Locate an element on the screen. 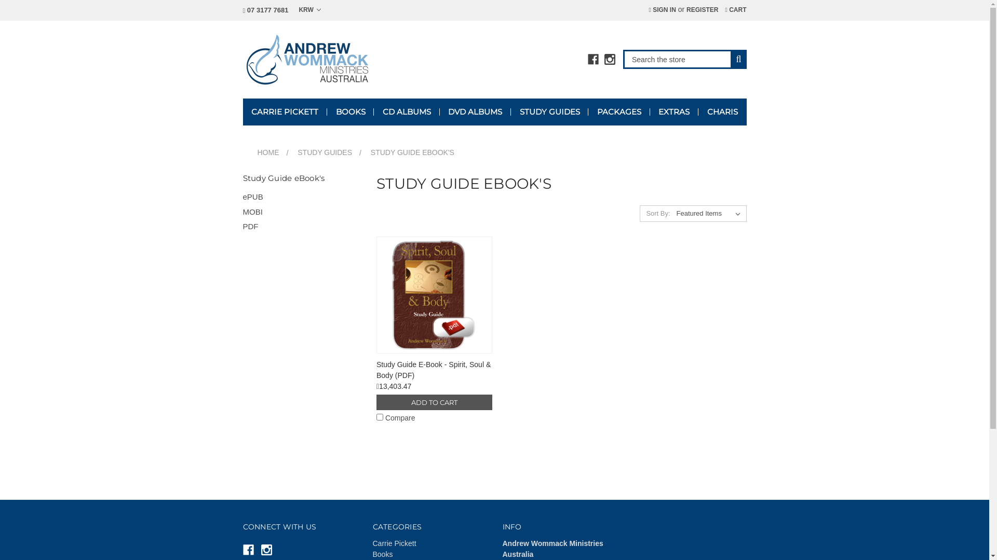 The image size is (997, 560). 'Carrie Pickett' is located at coordinates (373, 543).